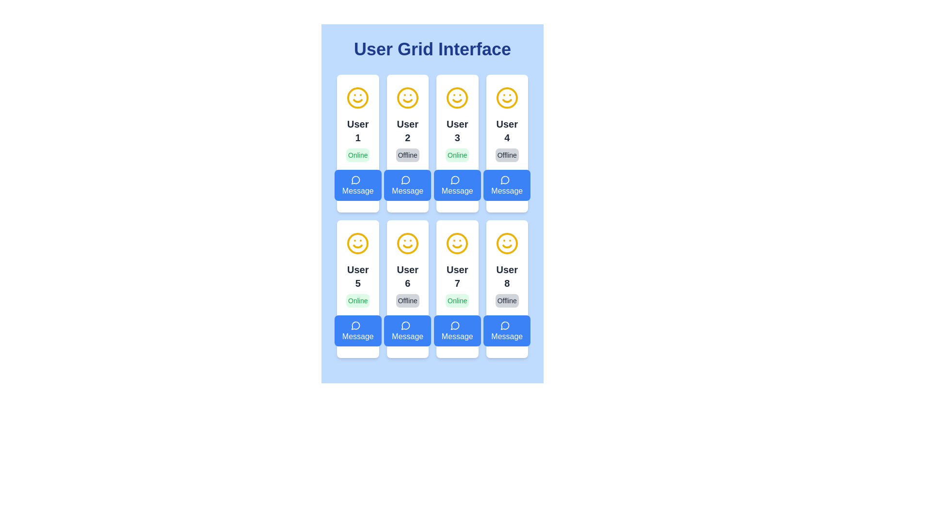  Describe the element at coordinates (405, 180) in the screenshot. I see `the SVG icon resembling a speech bubble within the 'Message' button` at that location.